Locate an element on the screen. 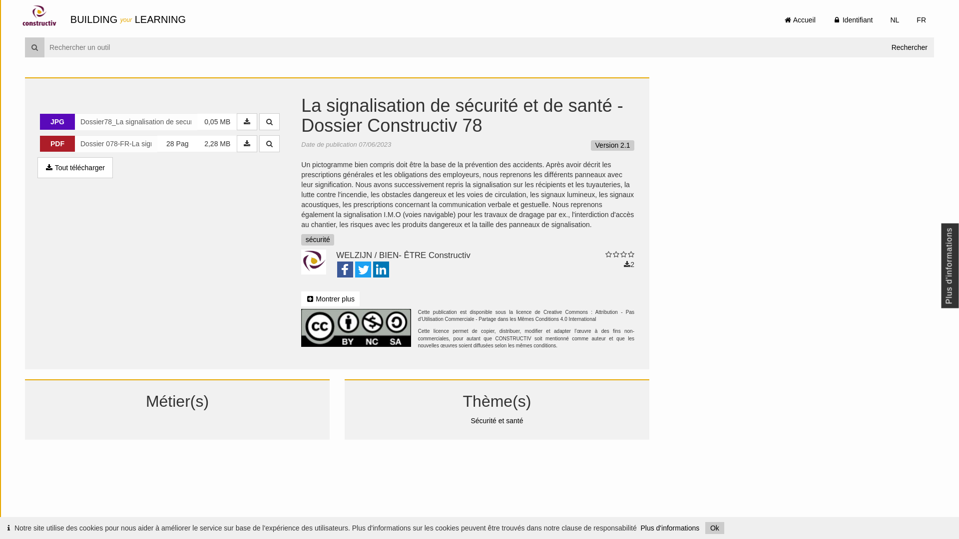  ' Montrer plus' is located at coordinates (301, 298).